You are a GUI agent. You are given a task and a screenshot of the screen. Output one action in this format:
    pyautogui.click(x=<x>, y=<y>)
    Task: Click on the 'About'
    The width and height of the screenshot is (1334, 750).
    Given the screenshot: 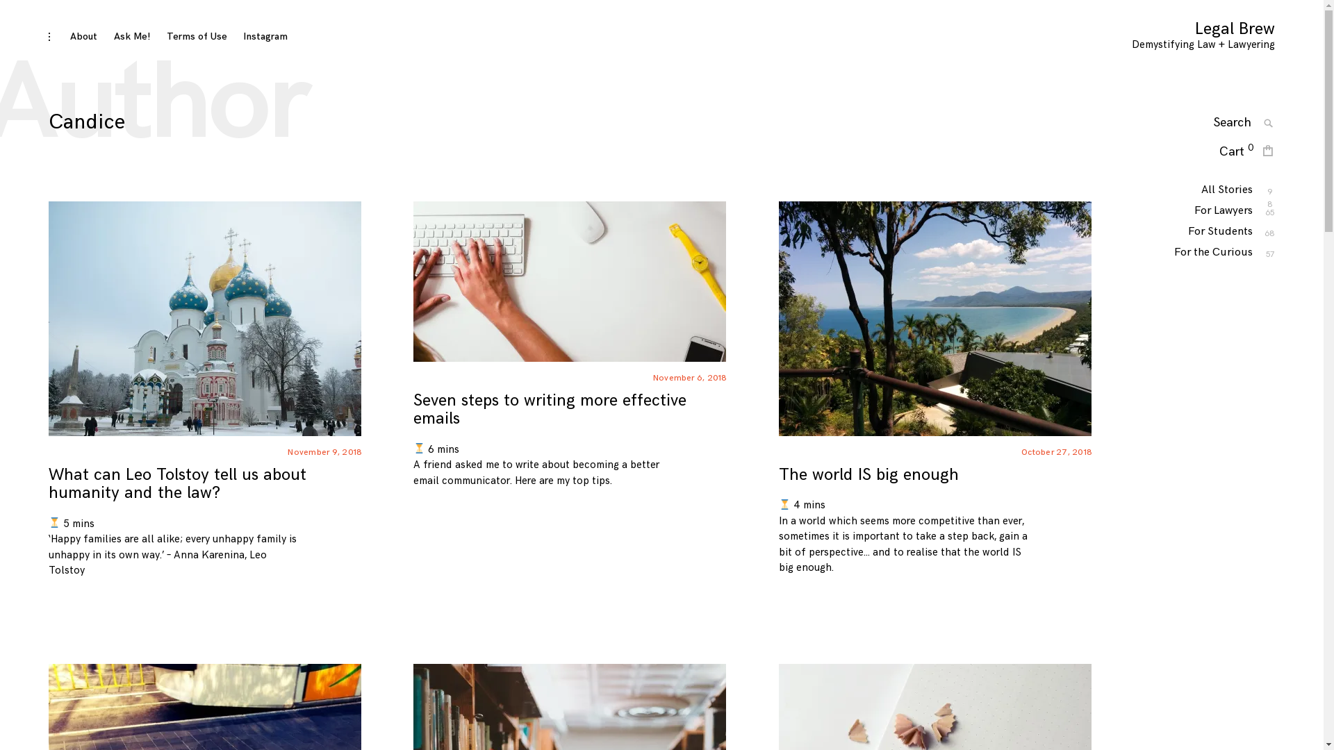 What is the action you would take?
    pyautogui.click(x=69, y=35)
    